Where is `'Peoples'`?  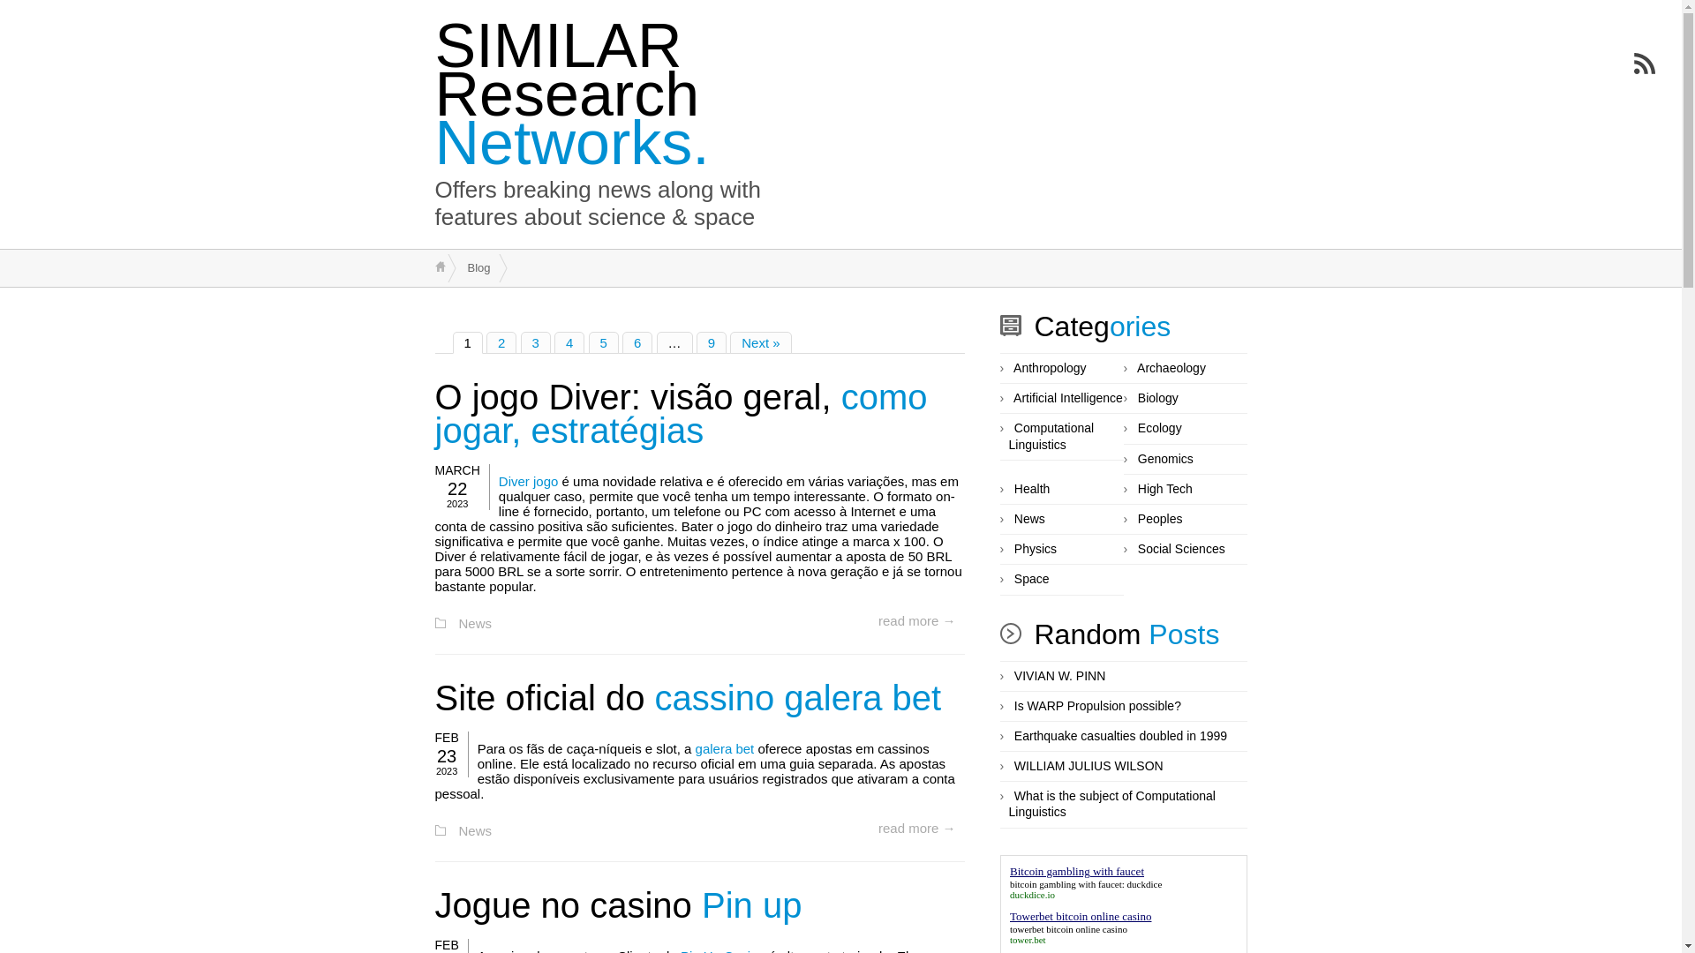 'Peoples' is located at coordinates (1160, 519).